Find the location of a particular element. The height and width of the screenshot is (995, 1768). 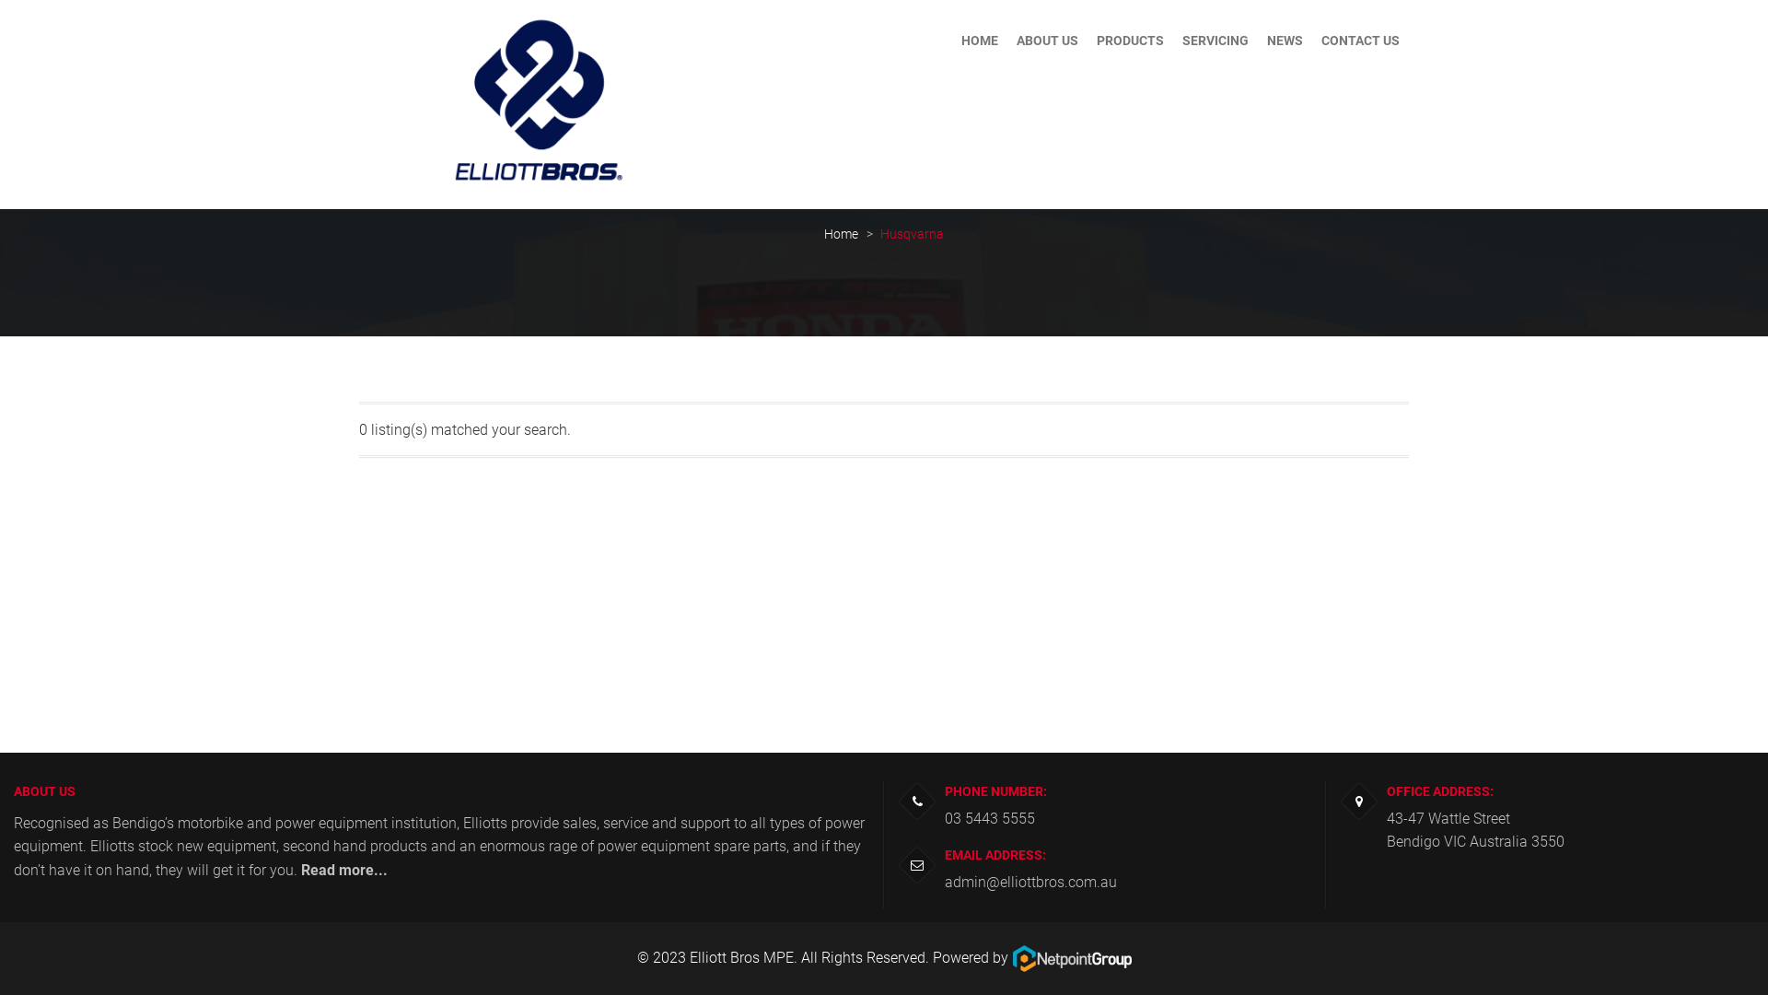

'CONTACT US' is located at coordinates (1360, 40).